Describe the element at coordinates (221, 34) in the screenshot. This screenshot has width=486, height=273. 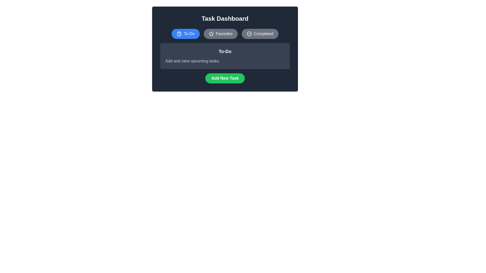
I see `the Favorites tab to view its content` at that location.